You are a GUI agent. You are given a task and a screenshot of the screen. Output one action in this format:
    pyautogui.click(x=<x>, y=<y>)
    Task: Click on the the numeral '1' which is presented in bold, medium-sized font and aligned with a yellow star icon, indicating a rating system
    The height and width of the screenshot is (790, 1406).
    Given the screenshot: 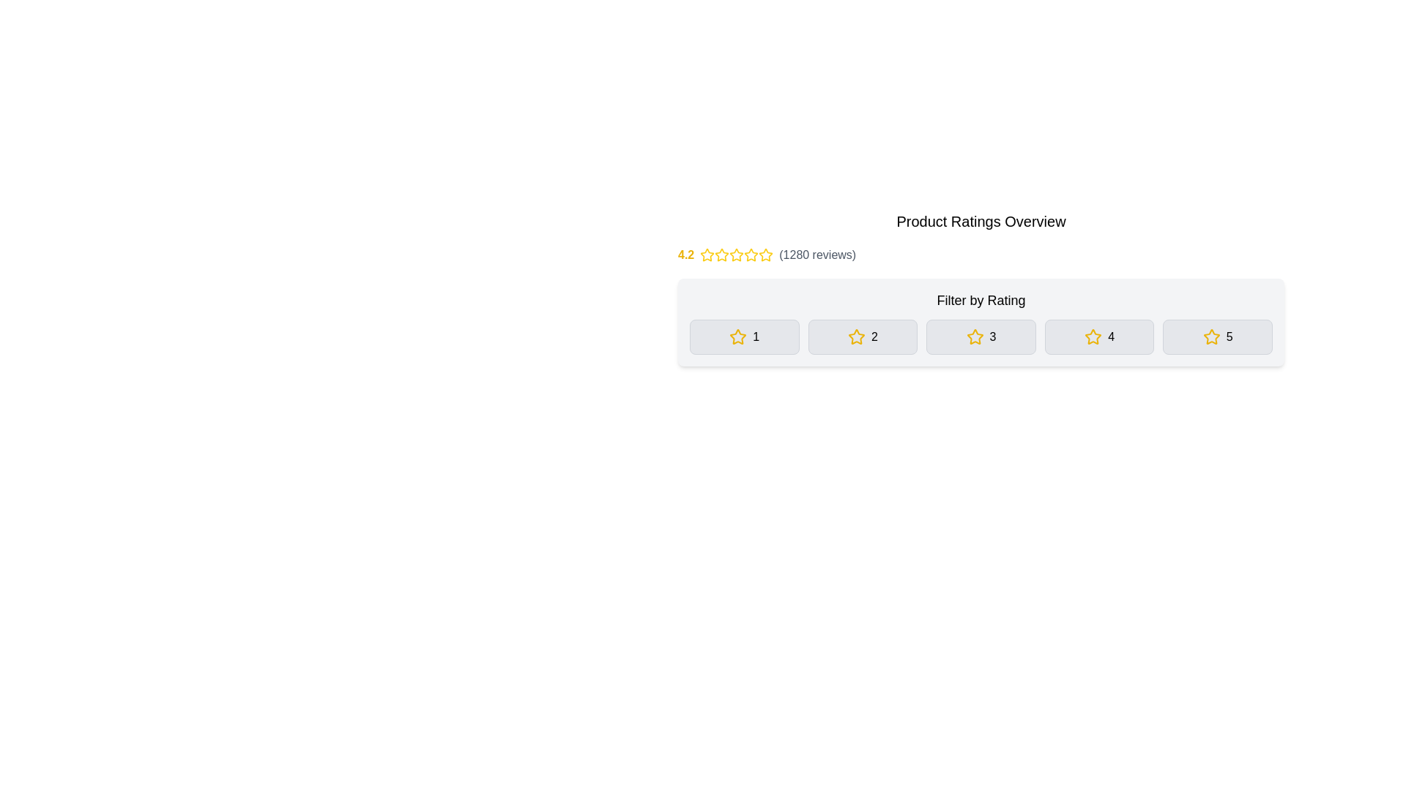 What is the action you would take?
    pyautogui.click(x=756, y=337)
    